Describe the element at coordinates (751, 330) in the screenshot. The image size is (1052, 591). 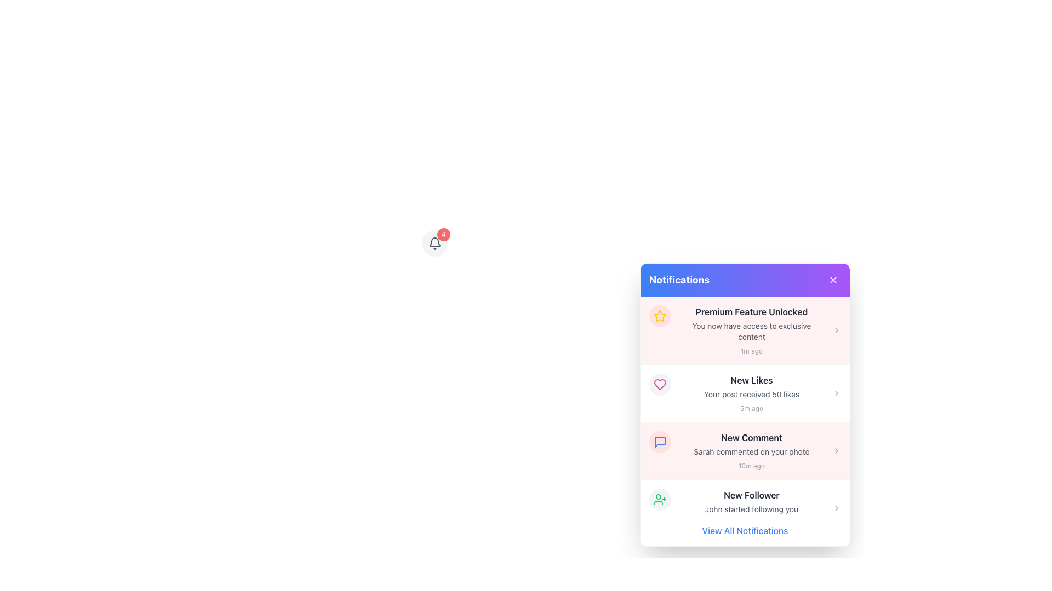
I see `the text block titled 'Premium Feature Unlocked'` at that location.